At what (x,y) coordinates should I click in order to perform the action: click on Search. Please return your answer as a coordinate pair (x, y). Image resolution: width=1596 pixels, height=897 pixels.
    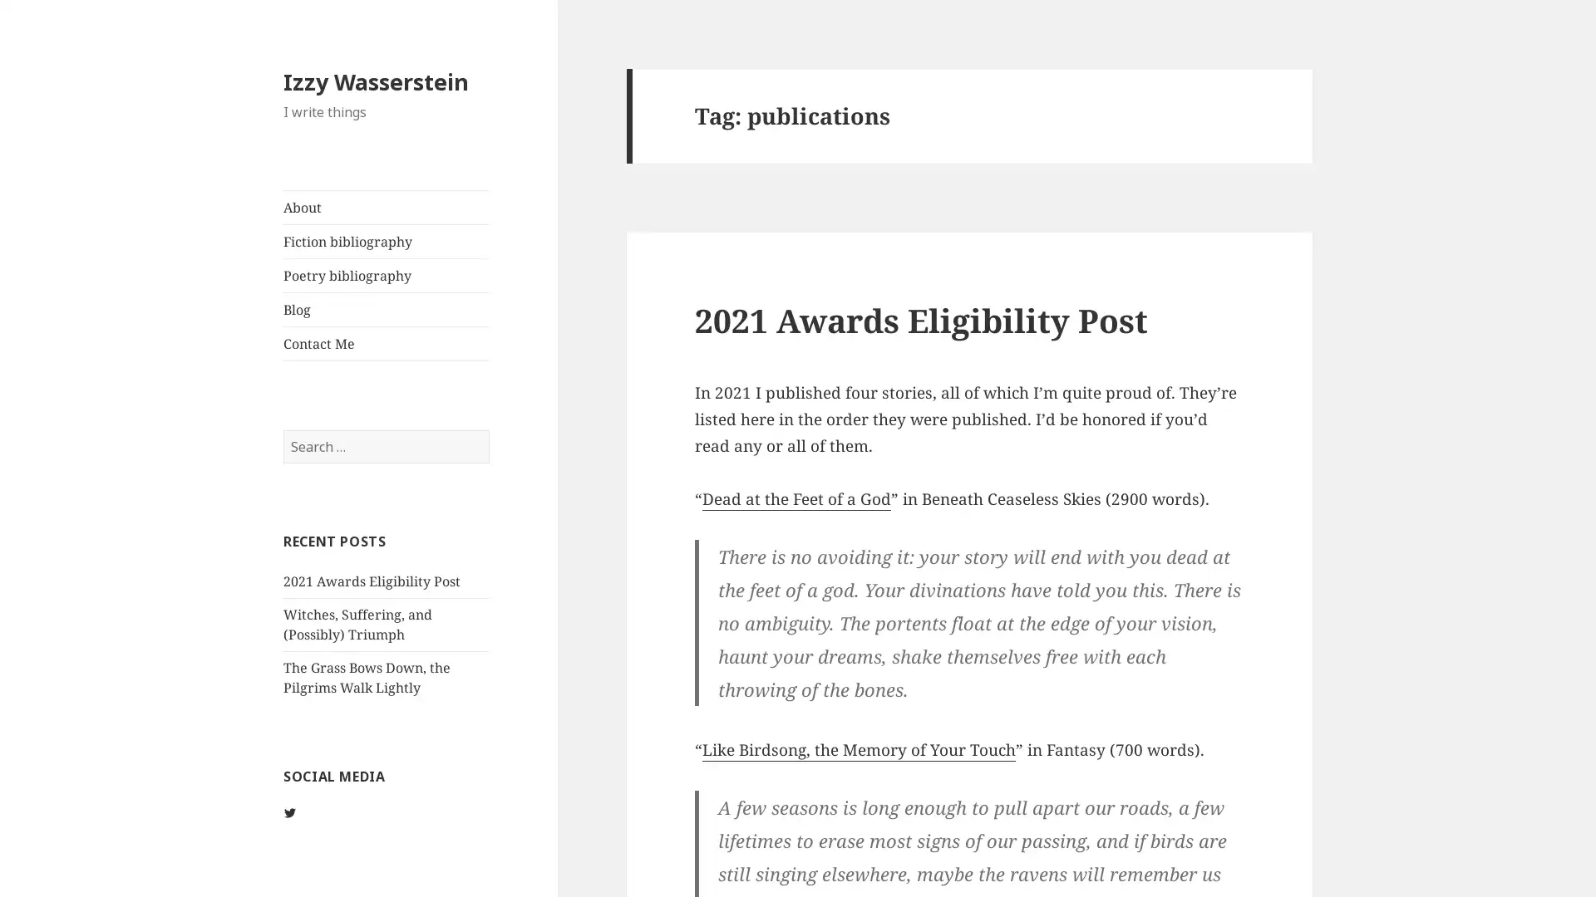
    Looking at the image, I should click on (487, 428).